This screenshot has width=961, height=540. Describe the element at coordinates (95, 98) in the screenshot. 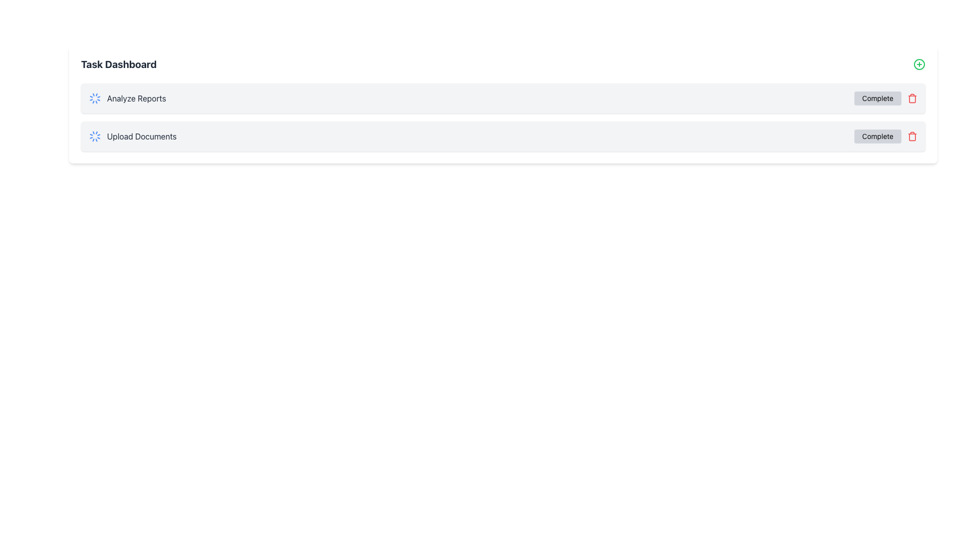

I see `the loading icon located to the left of the 'Analyze Reports' text in the 'Analyze Reports' section of the task dashboard` at that location.